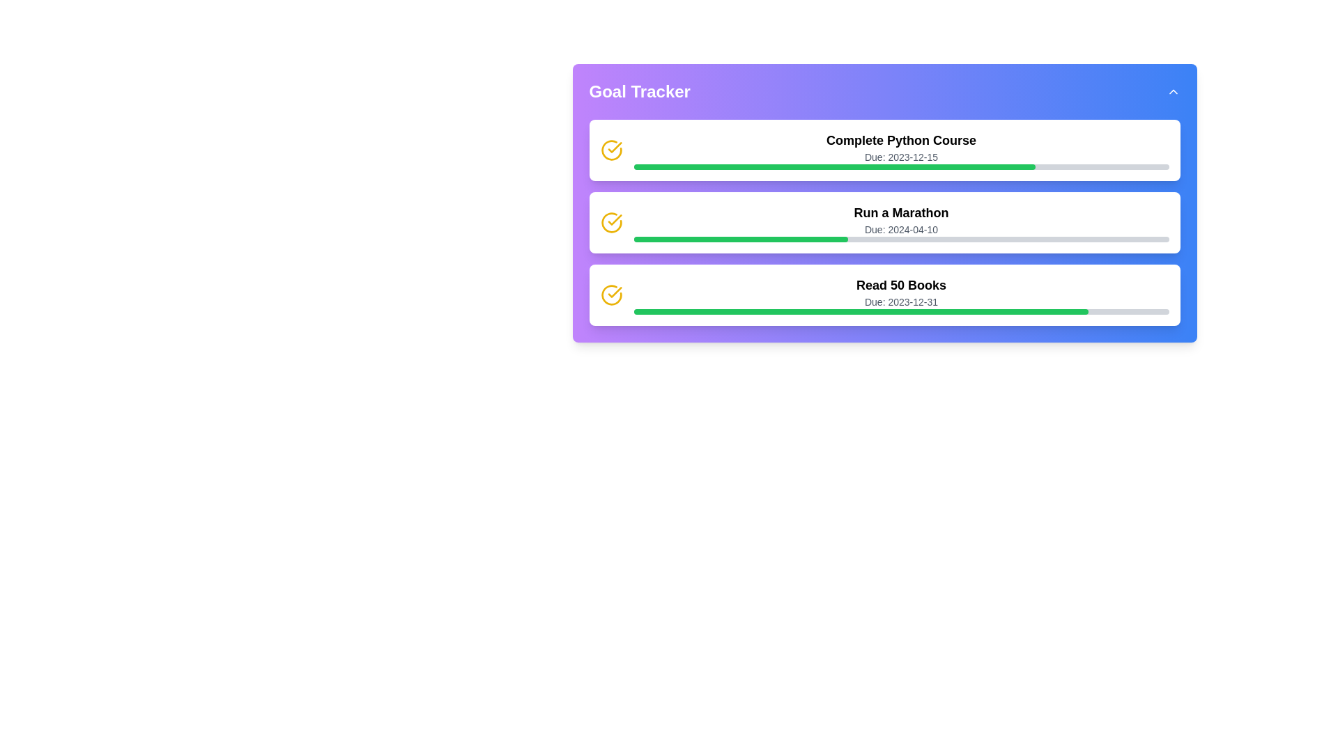 This screenshot has height=752, width=1338. What do you see at coordinates (611, 222) in the screenshot?
I see `the circular icon with a yellow border and a check mark, located at the top-left section of the 'Run a Marathon' card` at bounding box center [611, 222].